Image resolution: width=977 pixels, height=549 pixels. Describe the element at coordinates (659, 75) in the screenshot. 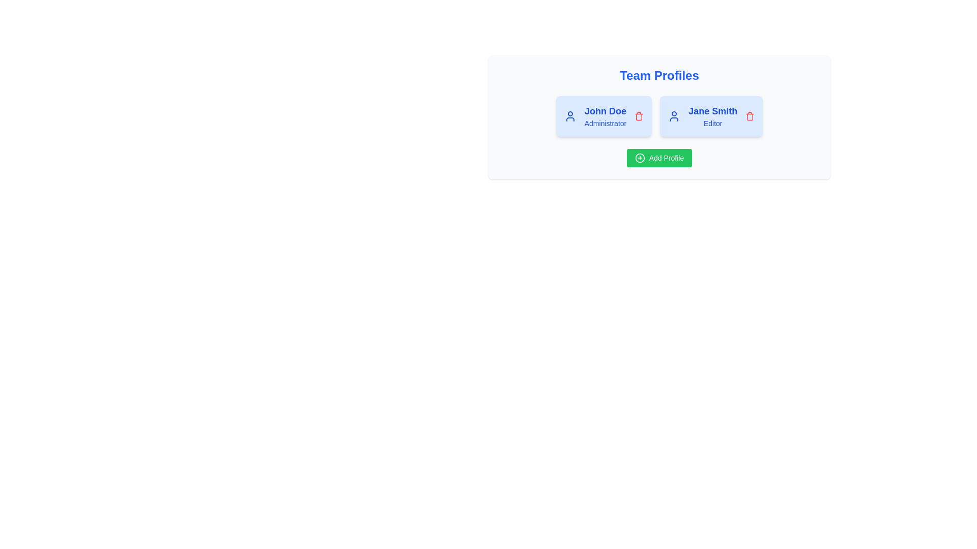

I see `the 'Team Profiles' heading` at that location.